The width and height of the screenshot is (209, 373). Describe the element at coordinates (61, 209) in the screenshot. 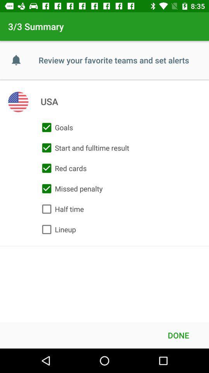

I see `the half time item` at that location.